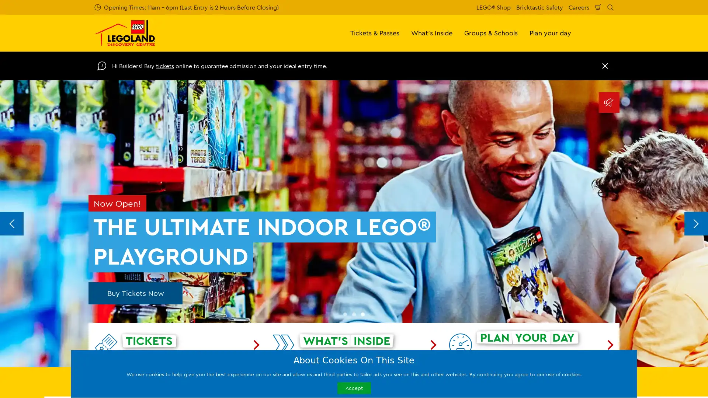 This screenshot has height=398, width=708. I want to click on Tickets & Passes, so click(375, 32).